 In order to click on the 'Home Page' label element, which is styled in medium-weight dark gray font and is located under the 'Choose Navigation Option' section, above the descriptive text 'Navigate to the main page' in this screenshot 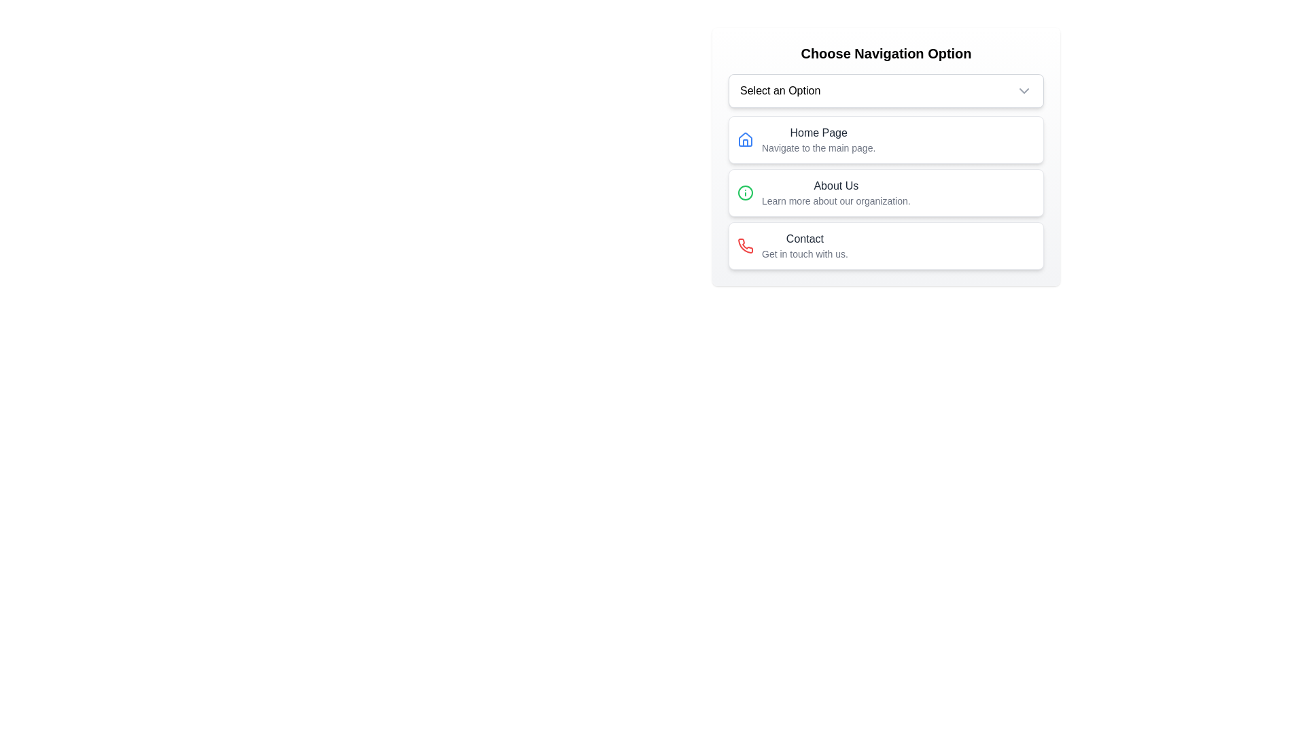, I will do `click(818, 133)`.